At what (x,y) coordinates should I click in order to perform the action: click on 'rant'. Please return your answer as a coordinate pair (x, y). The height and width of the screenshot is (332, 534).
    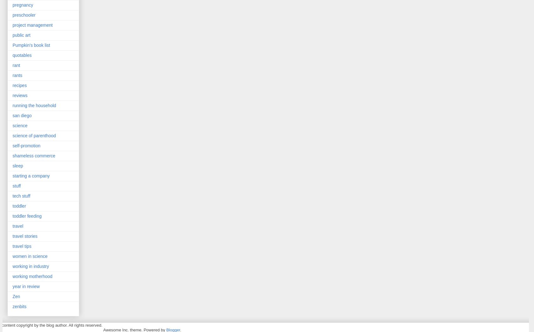
    Looking at the image, I should click on (16, 65).